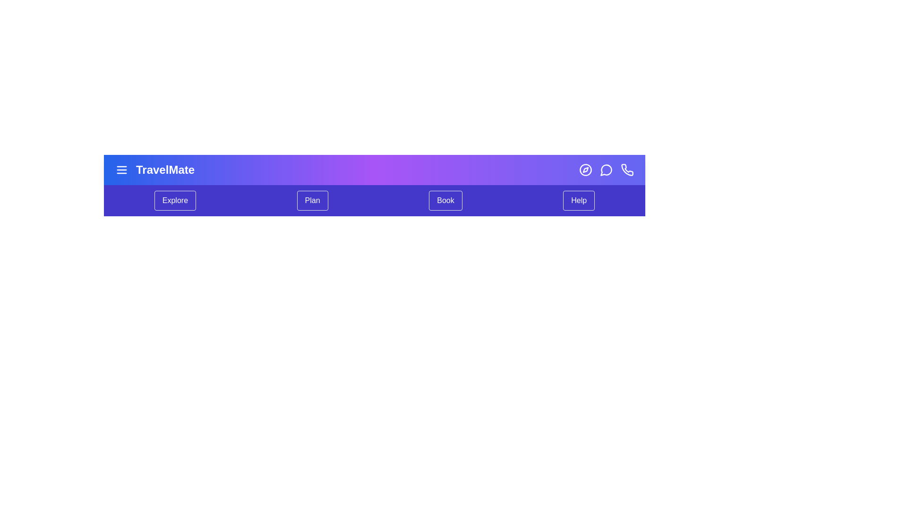 Image resolution: width=907 pixels, height=510 pixels. I want to click on the phone icon in the TravelPlannerBar, so click(627, 169).